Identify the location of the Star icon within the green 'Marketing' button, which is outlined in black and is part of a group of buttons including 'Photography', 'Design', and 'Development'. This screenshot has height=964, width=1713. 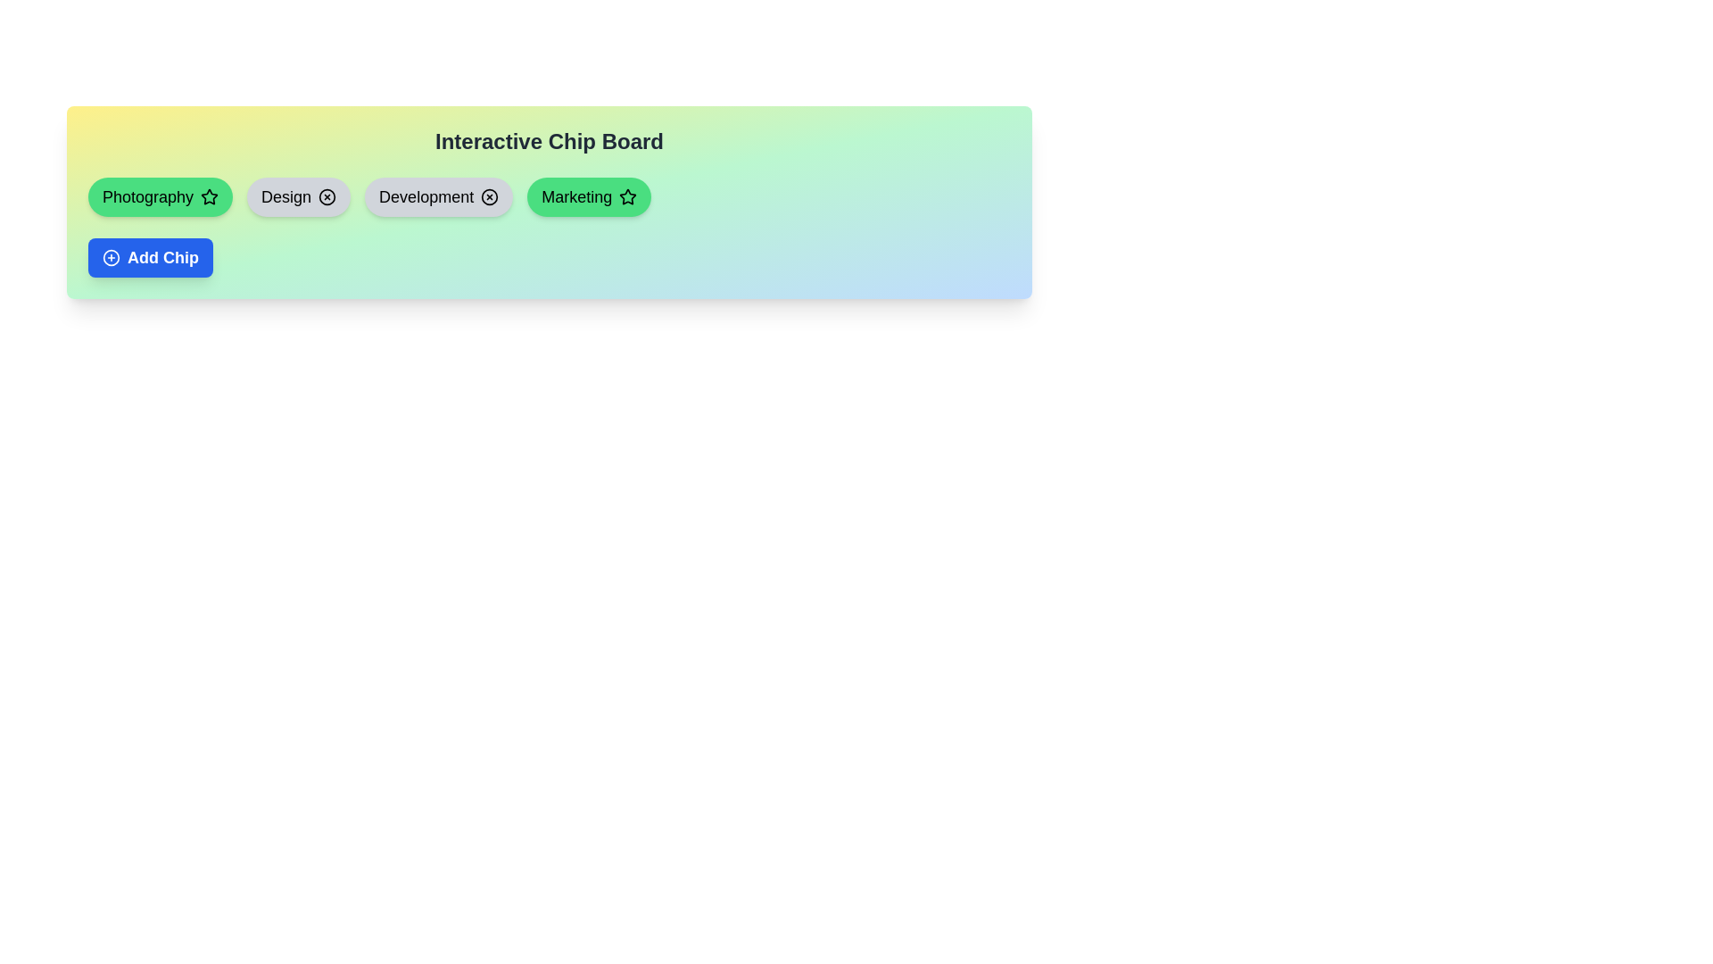
(628, 196).